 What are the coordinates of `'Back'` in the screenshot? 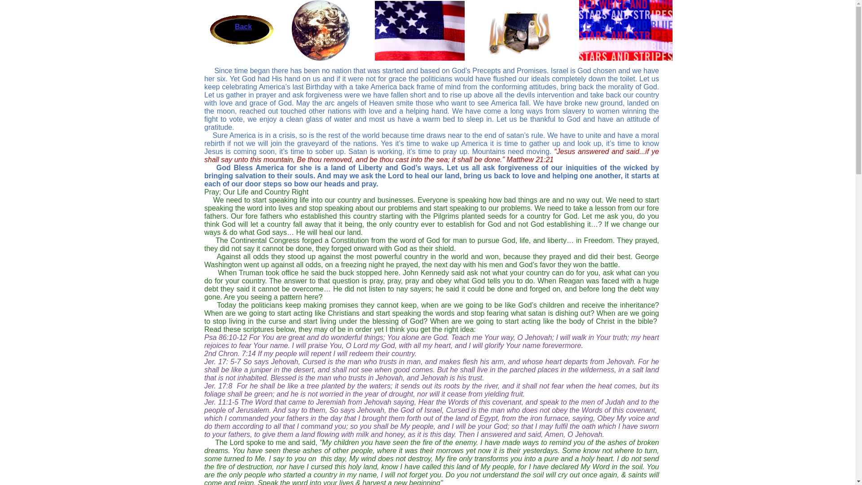 It's located at (243, 26).